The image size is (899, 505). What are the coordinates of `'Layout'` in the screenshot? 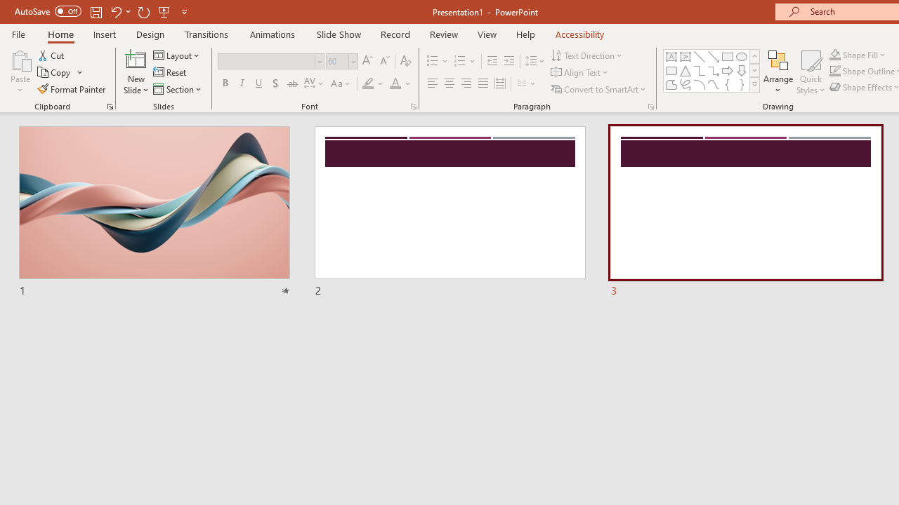 It's located at (176, 55).